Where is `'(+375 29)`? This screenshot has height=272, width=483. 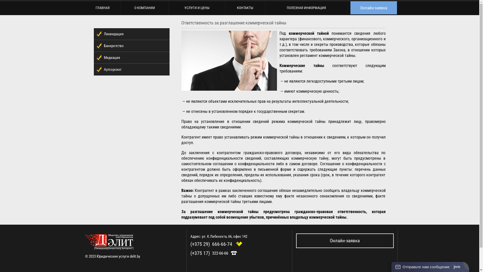 '(+375 29) is located at coordinates (212, 244).